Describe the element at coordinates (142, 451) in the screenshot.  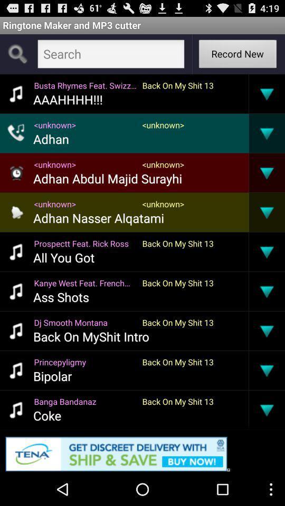
I see `opens an advertisement` at that location.